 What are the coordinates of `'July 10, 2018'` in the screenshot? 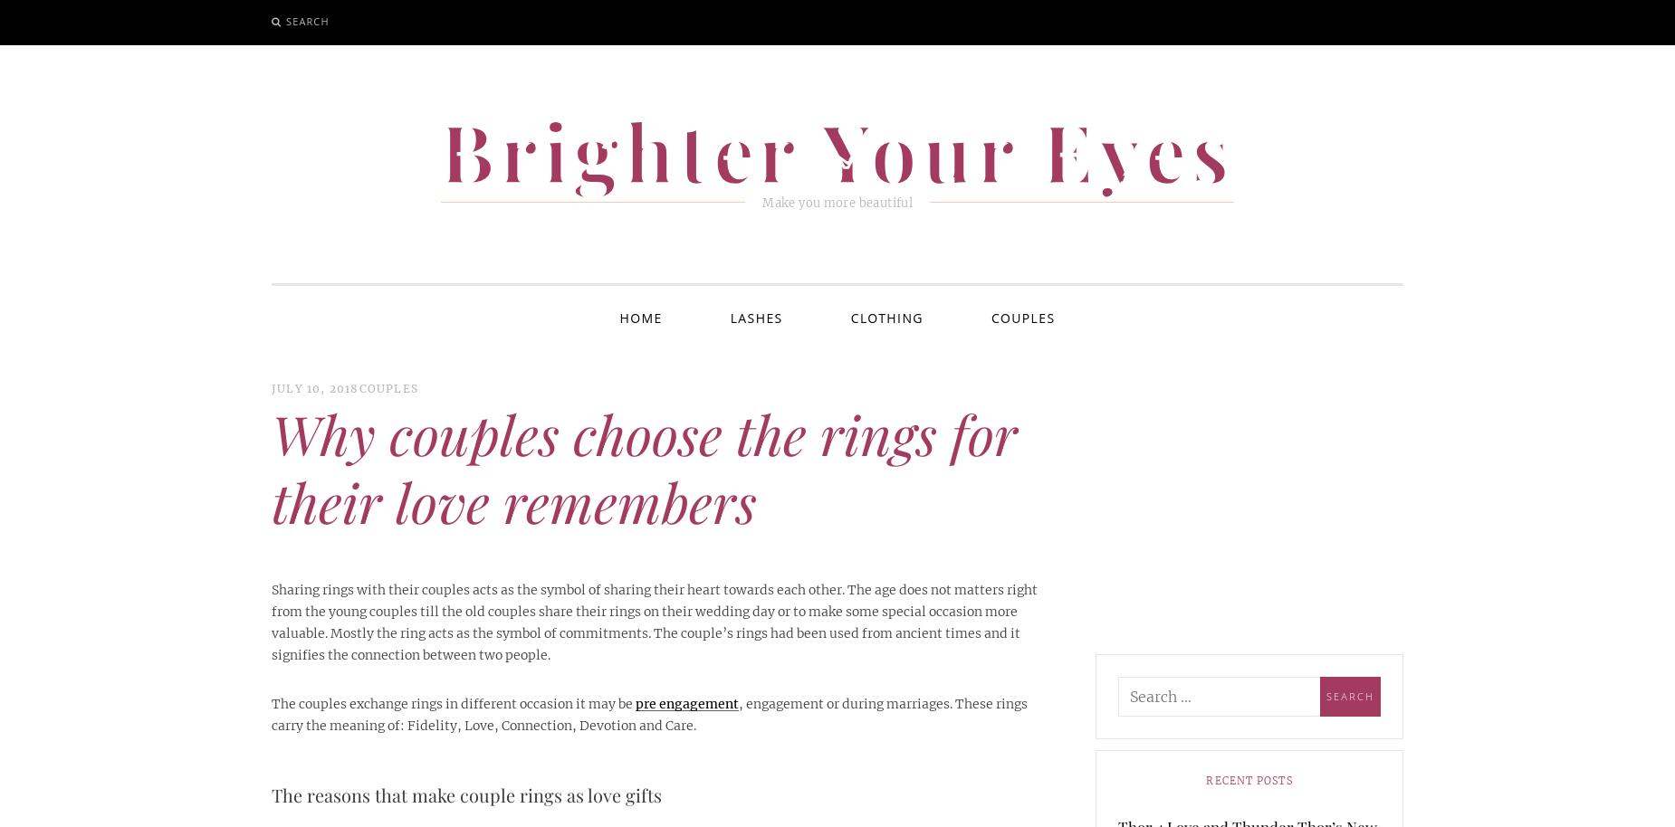 It's located at (269, 386).